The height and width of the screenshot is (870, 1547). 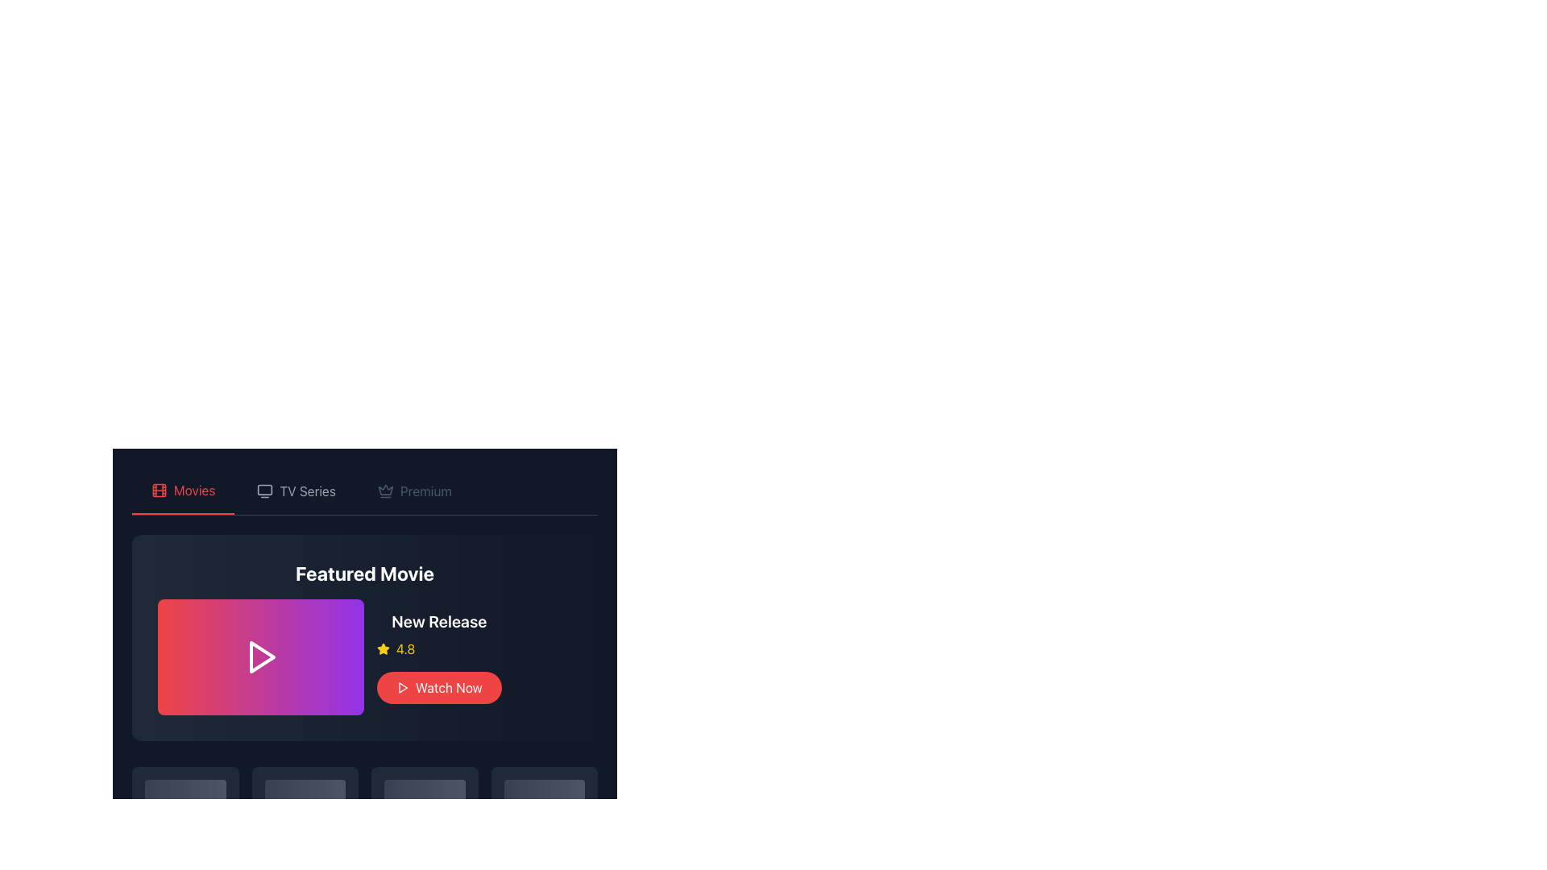 I want to click on the crown icon located in the top navigation bar, positioned between the 'TV Series' and 'Premium' labels, so click(x=384, y=489).